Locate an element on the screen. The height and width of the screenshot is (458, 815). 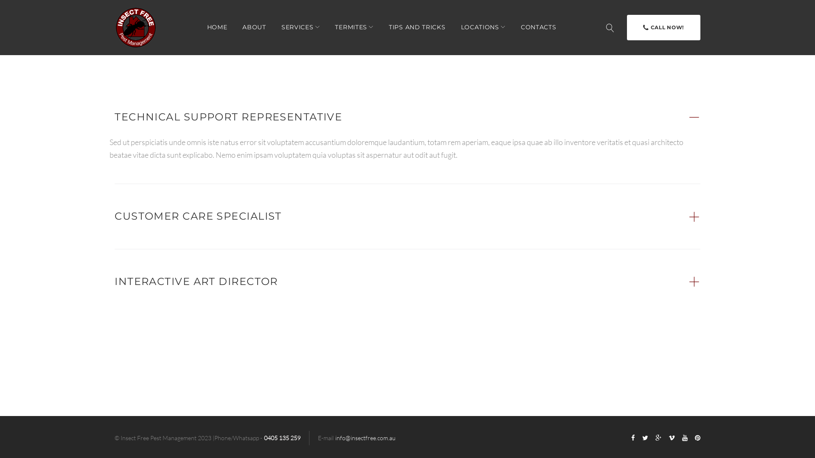
'TERMITES' is located at coordinates (354, 27).